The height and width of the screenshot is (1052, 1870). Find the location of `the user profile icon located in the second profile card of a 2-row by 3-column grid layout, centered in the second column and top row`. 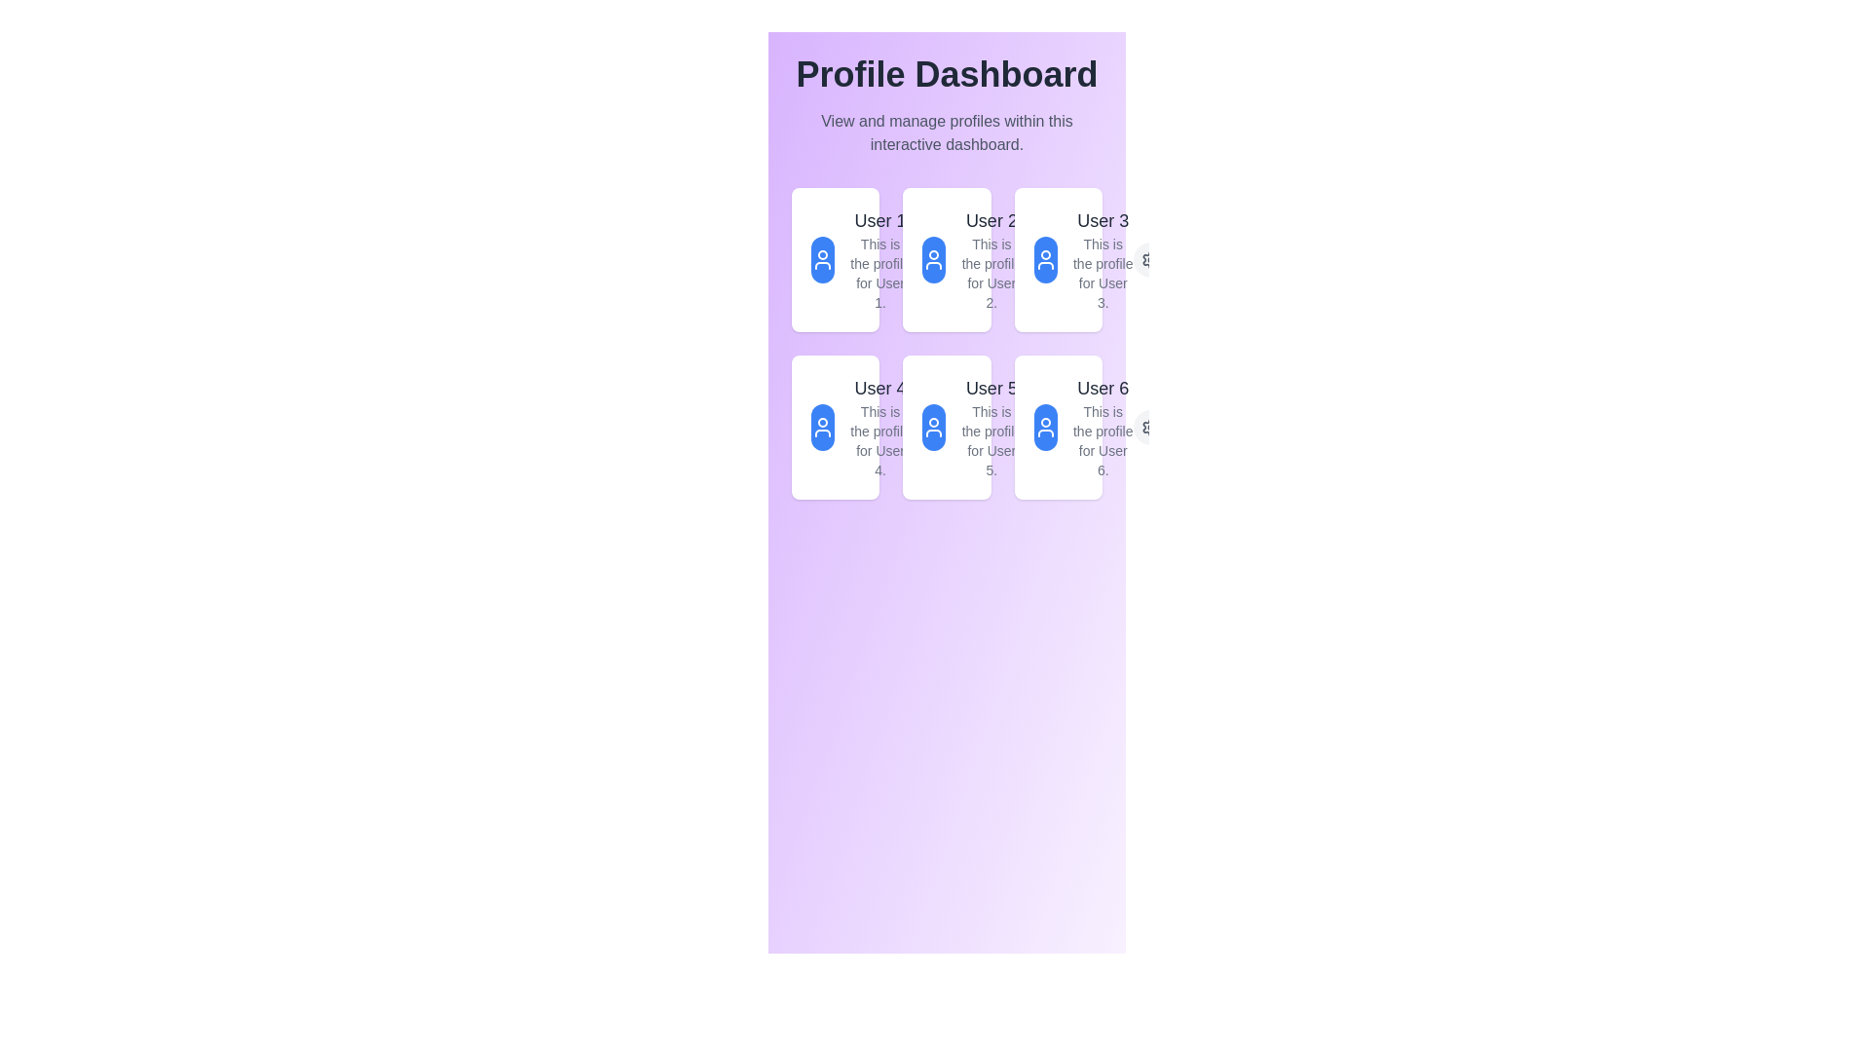

the user profile icon located in the second profile card of a 2-row by 3-column grid layout, centered in the second column and top row is located at coordinates (933, 258).